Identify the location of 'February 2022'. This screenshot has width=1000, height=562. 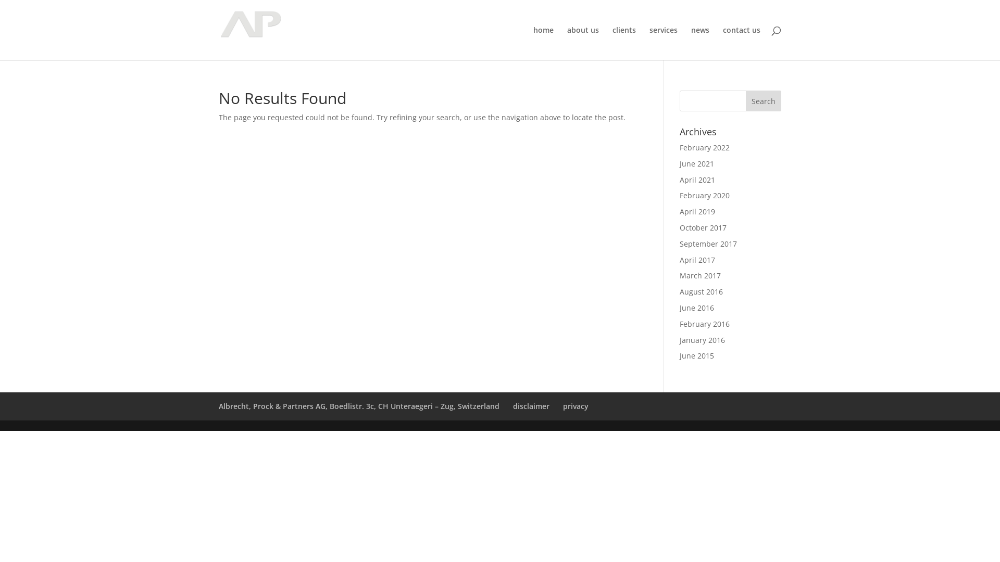
(705, 147).